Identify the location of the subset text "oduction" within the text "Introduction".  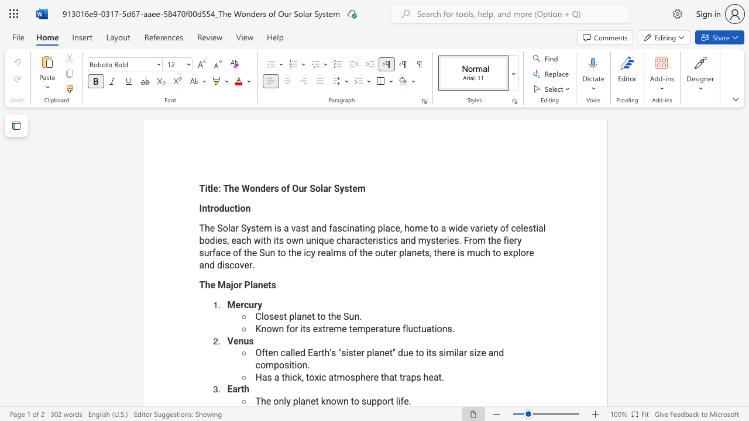
(214, 208).